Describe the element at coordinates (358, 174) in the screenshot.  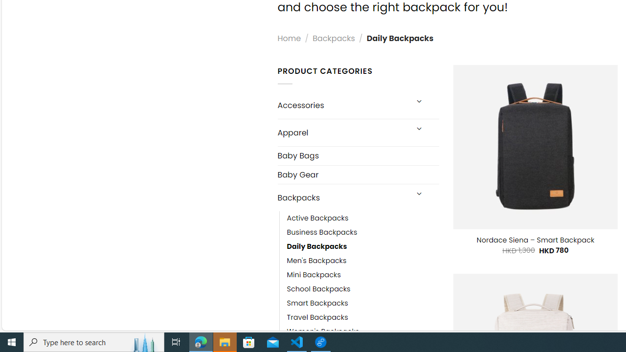
I see `'Baby Gear'` at that location.